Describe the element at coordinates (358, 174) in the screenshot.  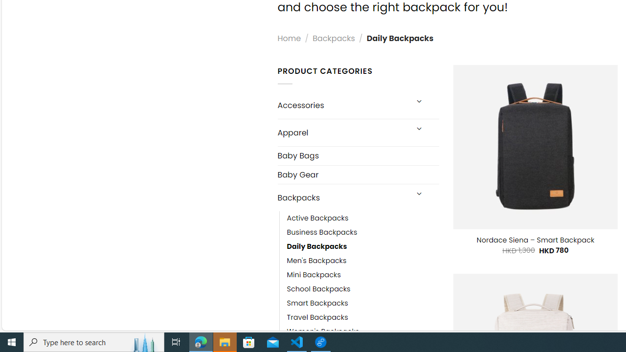
I see `'Baby Gear'` at that location.